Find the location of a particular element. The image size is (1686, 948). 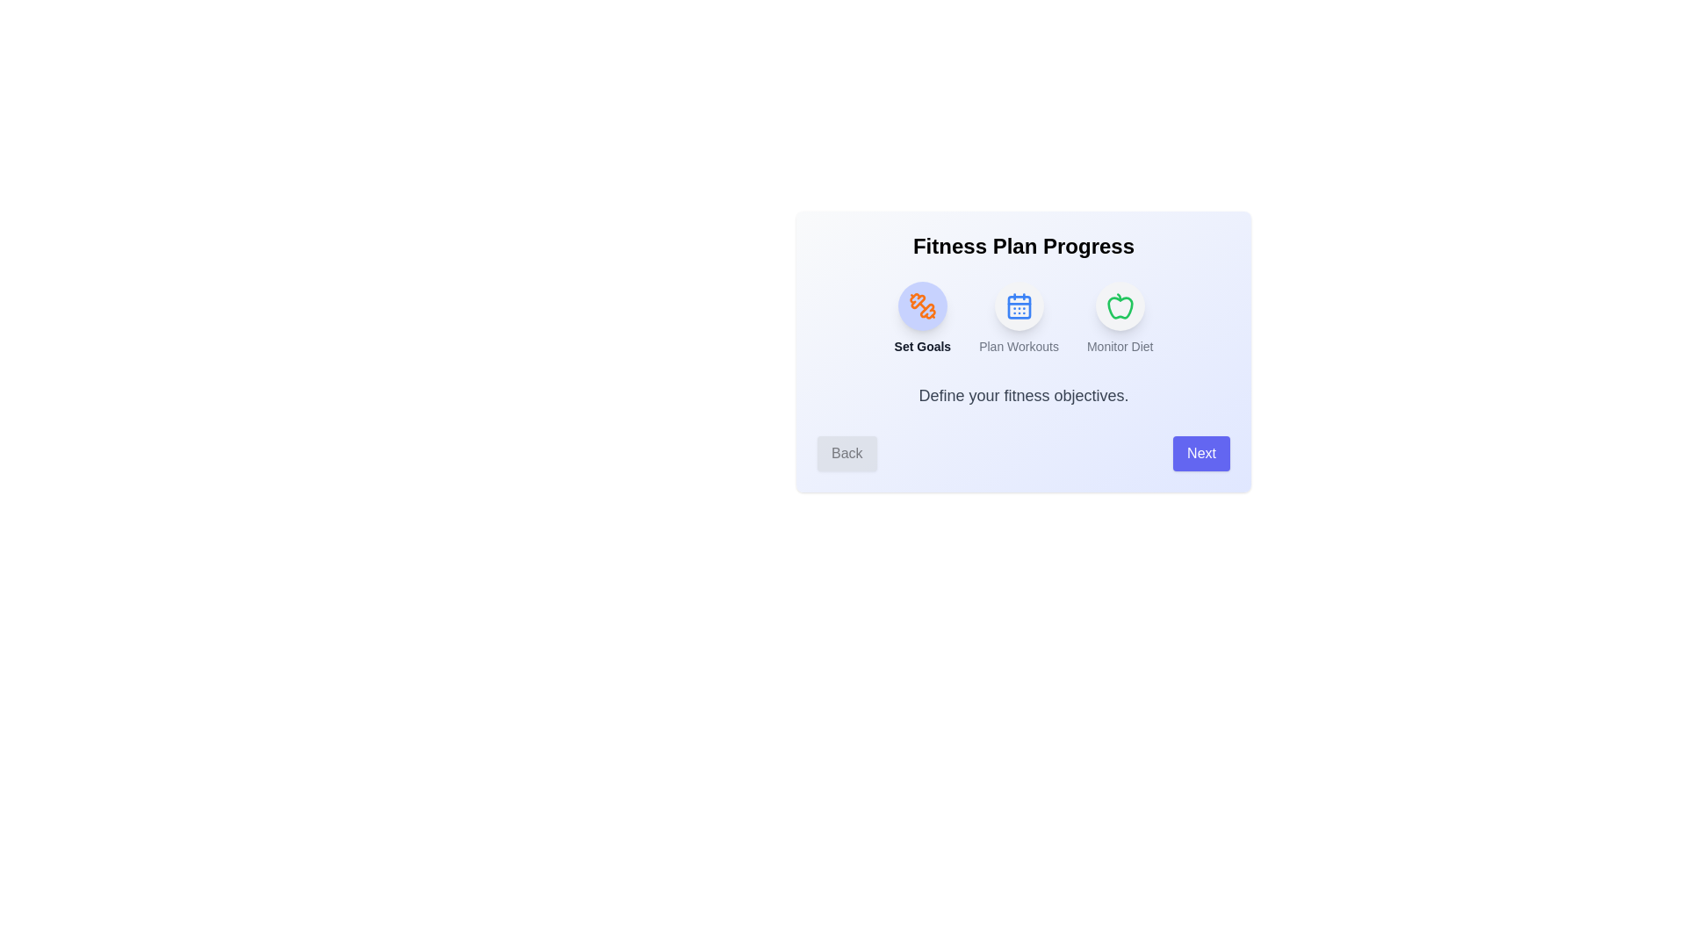

'Next' button to proceed to the next step in the Fitness Plan Stepper is located at coordinates (1200, 452).